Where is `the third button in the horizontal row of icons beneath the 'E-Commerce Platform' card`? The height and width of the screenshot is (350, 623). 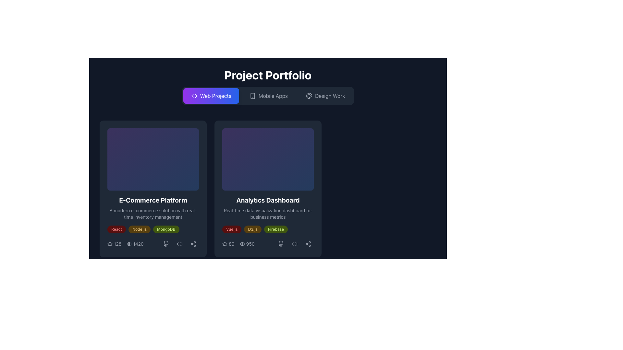
the third button in the horizontal row of icons beneath the 'E-Commerce Platform' card is located at coordinates (179, 244).